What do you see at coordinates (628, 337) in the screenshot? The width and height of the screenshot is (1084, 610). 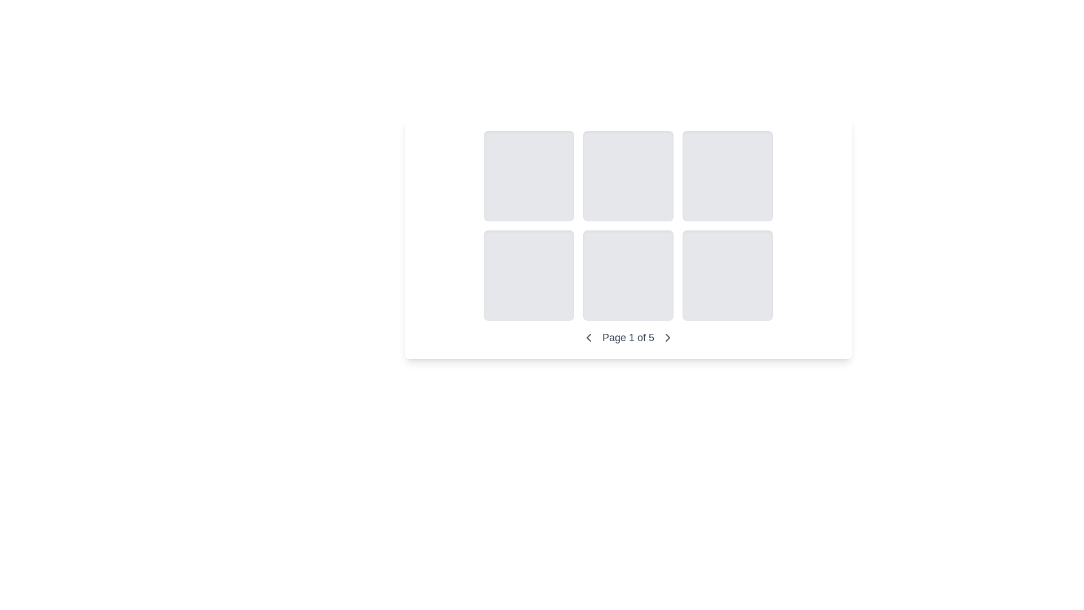 I see `the text label that indicates the current page status in the pagination control, which shows the user is on the first of five total pages` at bounding box center [628, 337].